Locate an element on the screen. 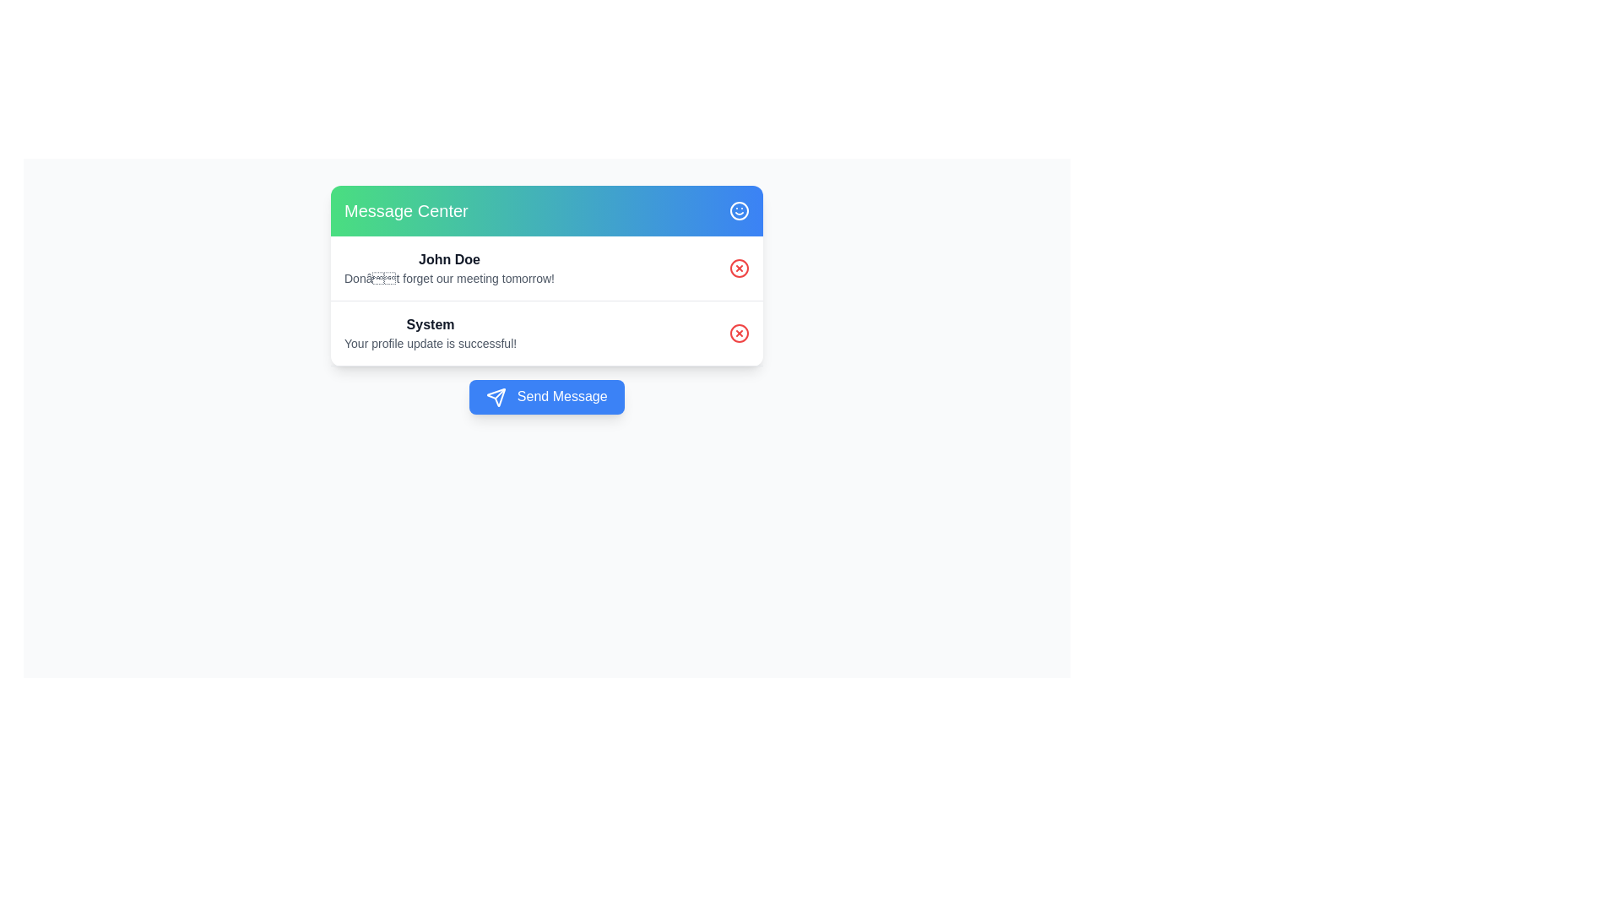 The width and height of the screenshot is (1621, 912). notification message from 'John Doe' about the meeting scheduled for tomorrow, which is displayed in the first item of the Message Center notifications is located at coordinates (547, 268).